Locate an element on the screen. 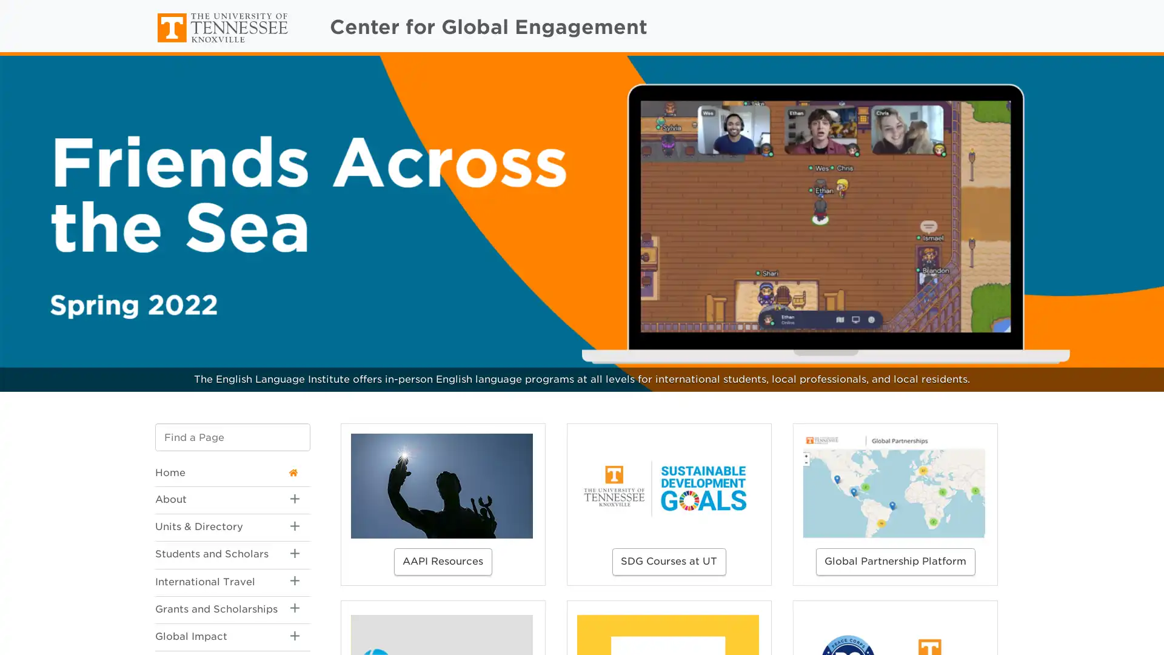 The height and width of the screenshot is (655, 1164). Toggle Sub Menu is located at coordinates (170, 581).